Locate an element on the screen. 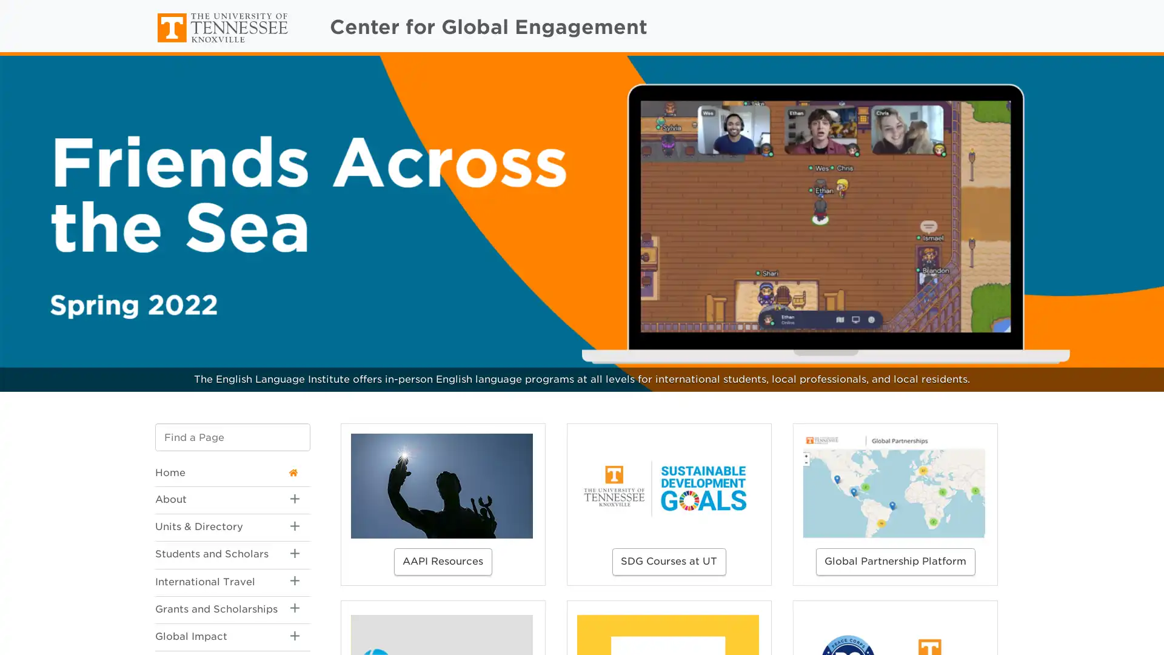 The height and width of the screenshot is (655, 1164). Toggle Sub Menu is located at coordinates (170, 581).